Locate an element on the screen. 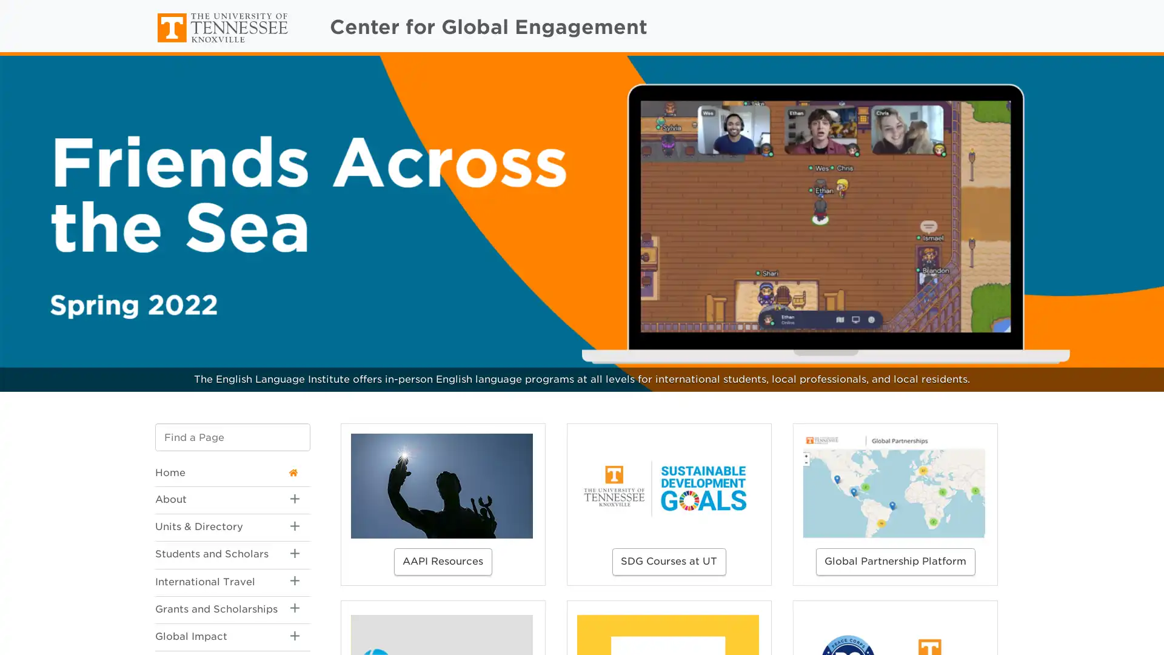 The height and width of the screenshot is (655, 1164). Toggle Sub Menu is located at coordinates (170, 581).